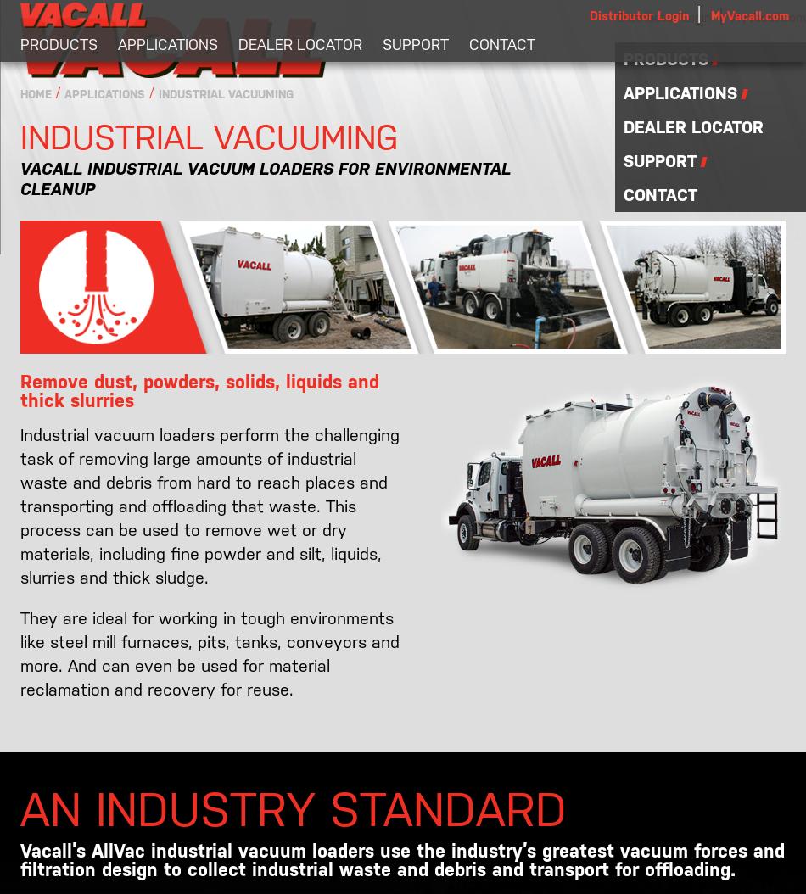  I want to click on '|', so click(718, 15).